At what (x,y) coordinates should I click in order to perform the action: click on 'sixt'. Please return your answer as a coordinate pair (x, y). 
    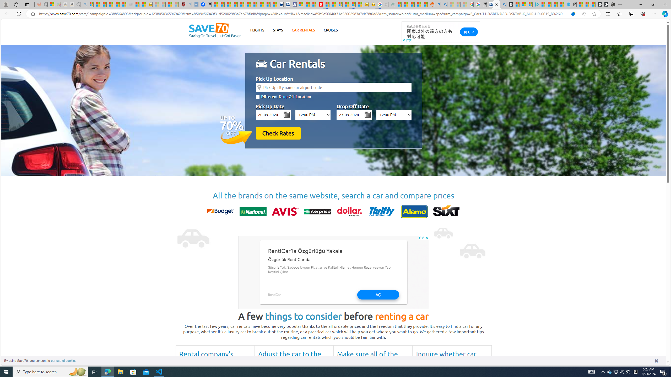
    Looking at the image, I should click on (446, 212).